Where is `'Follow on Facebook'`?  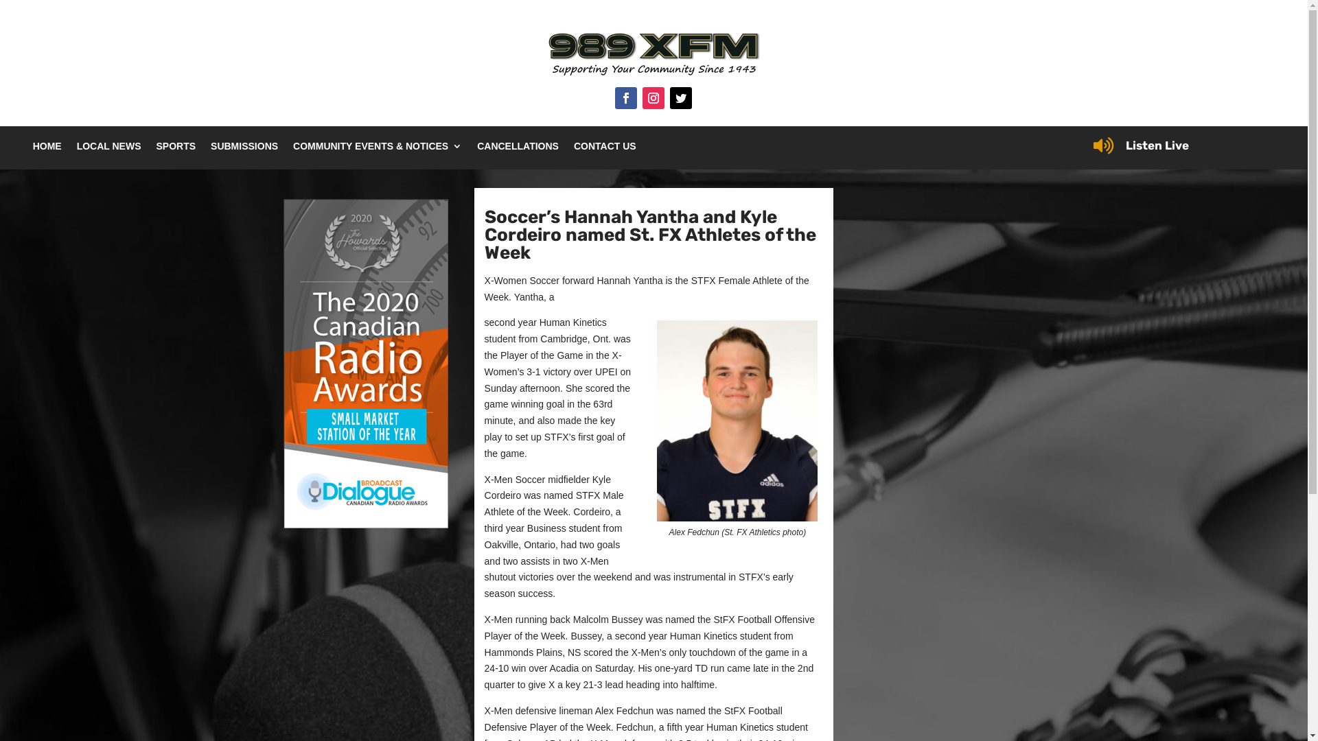
'Follow on Facebook' is located at coordinates (614, 97).